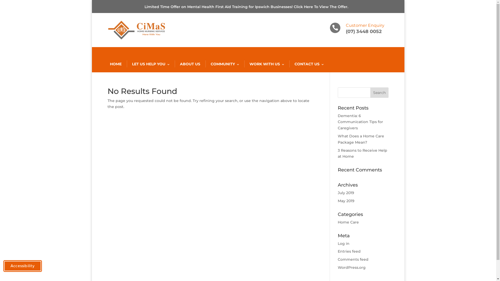  Describe the element at coordinates (150, 64) in the screenshot. I see `'LET US HELP YOU'` at that location.